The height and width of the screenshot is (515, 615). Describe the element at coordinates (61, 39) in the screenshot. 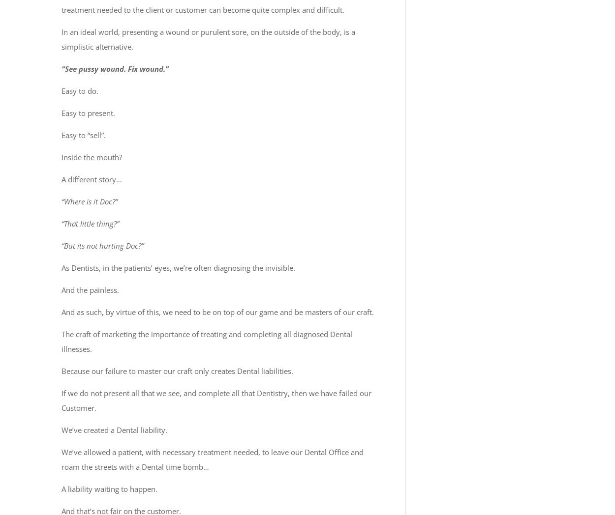

I see `'In an ideal world, presenting a wound or purulent sore, on the outside of the body, is a simplistic alternative.'` at that location.